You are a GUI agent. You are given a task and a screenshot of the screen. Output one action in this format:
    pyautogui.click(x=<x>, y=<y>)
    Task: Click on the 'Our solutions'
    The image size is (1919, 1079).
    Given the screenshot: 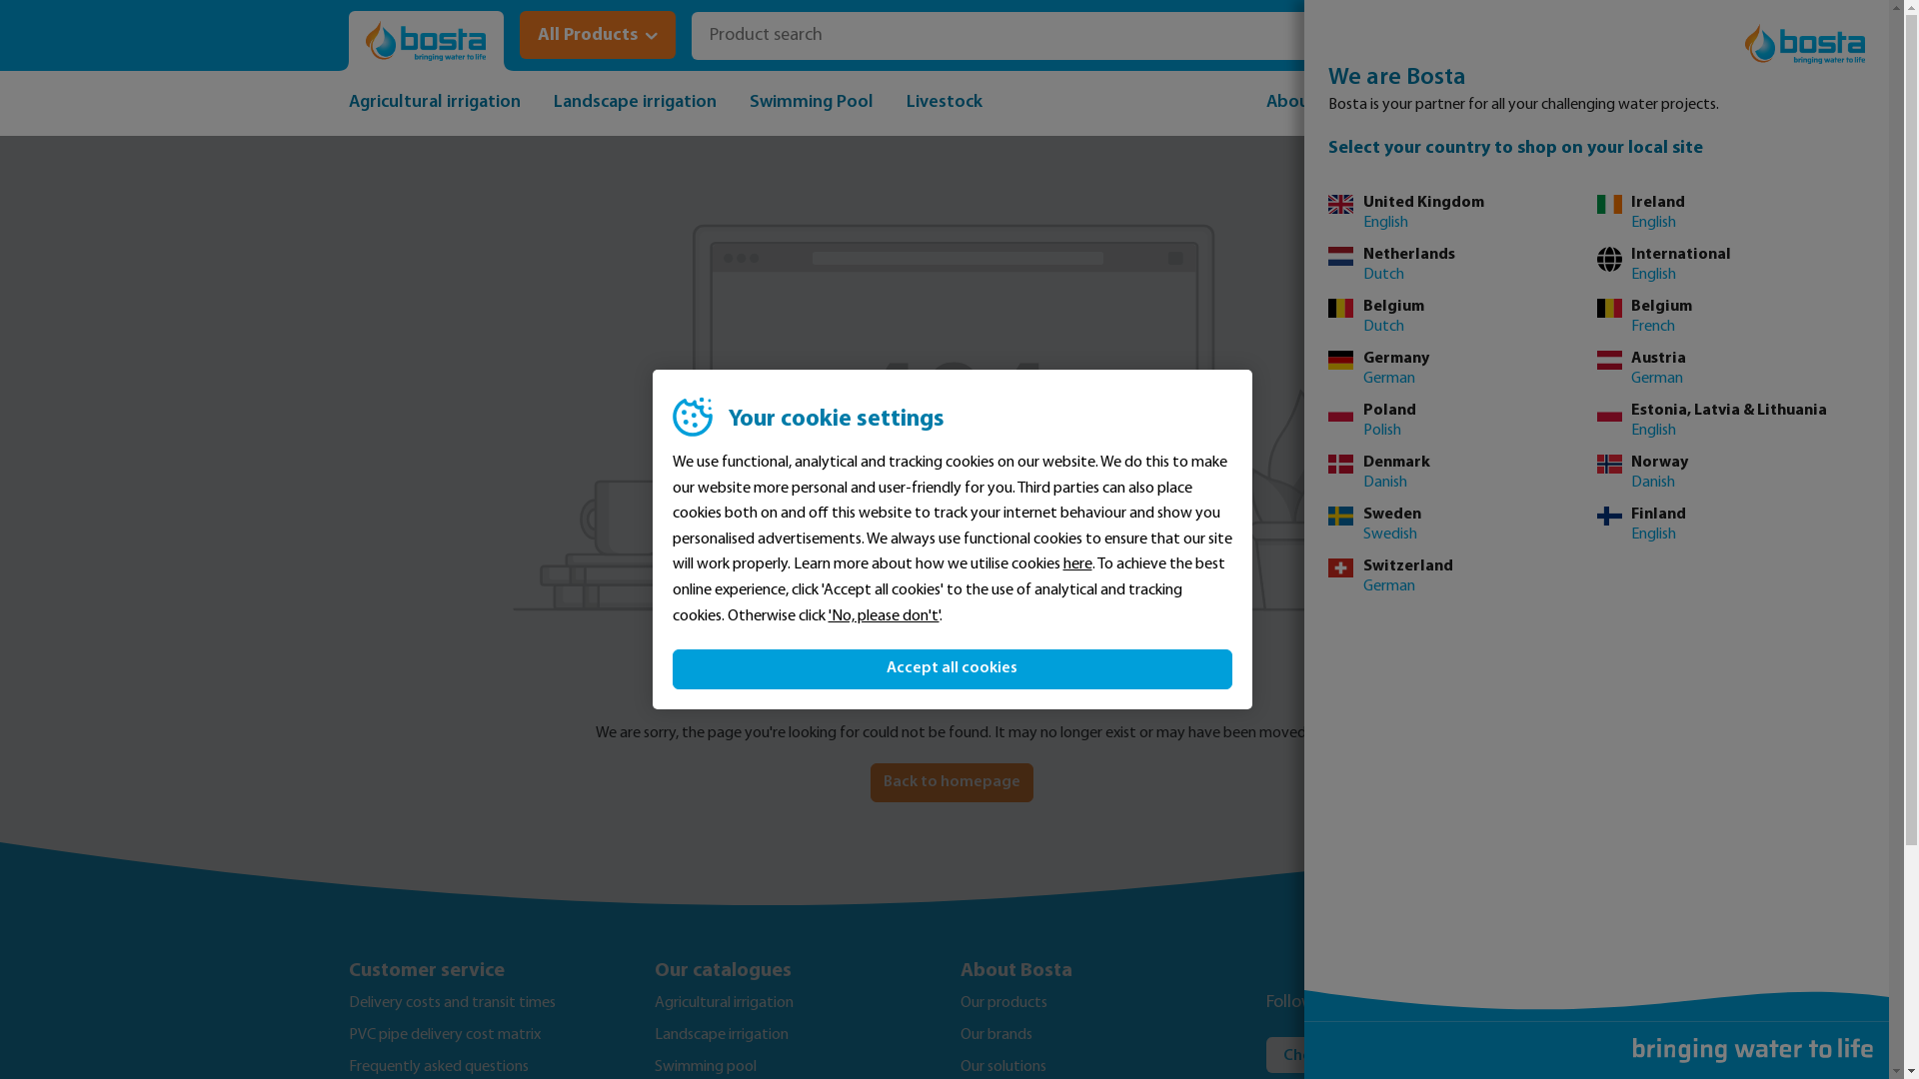 What is the action you would take?
    pyautogui.click(x=1002, y=1066)
    